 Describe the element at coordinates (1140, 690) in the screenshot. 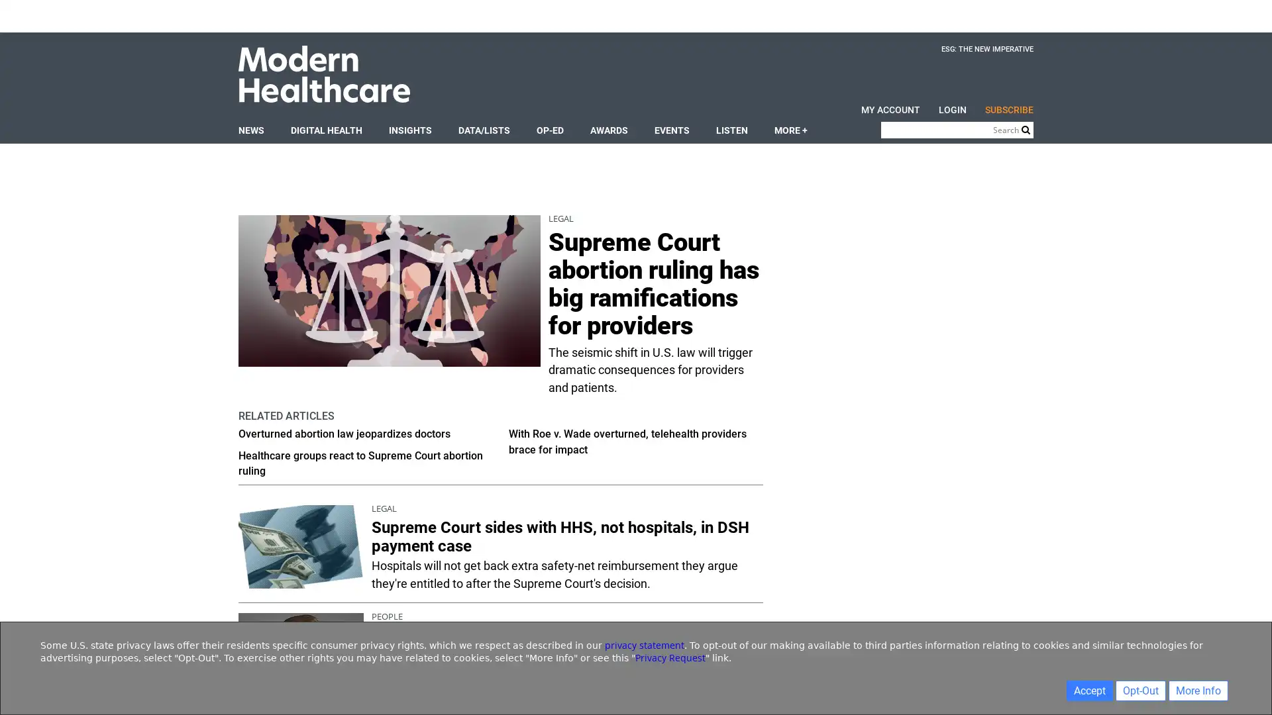

I see `Opt-Out` at that location.